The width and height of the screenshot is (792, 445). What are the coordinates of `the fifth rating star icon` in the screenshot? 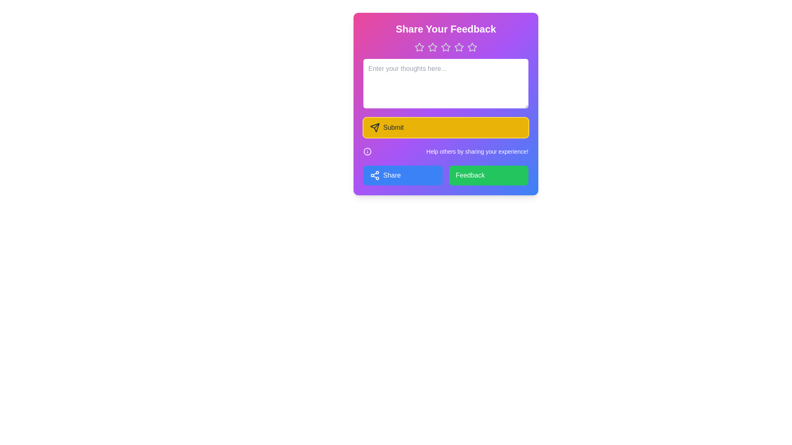 It's located at (472, 47).